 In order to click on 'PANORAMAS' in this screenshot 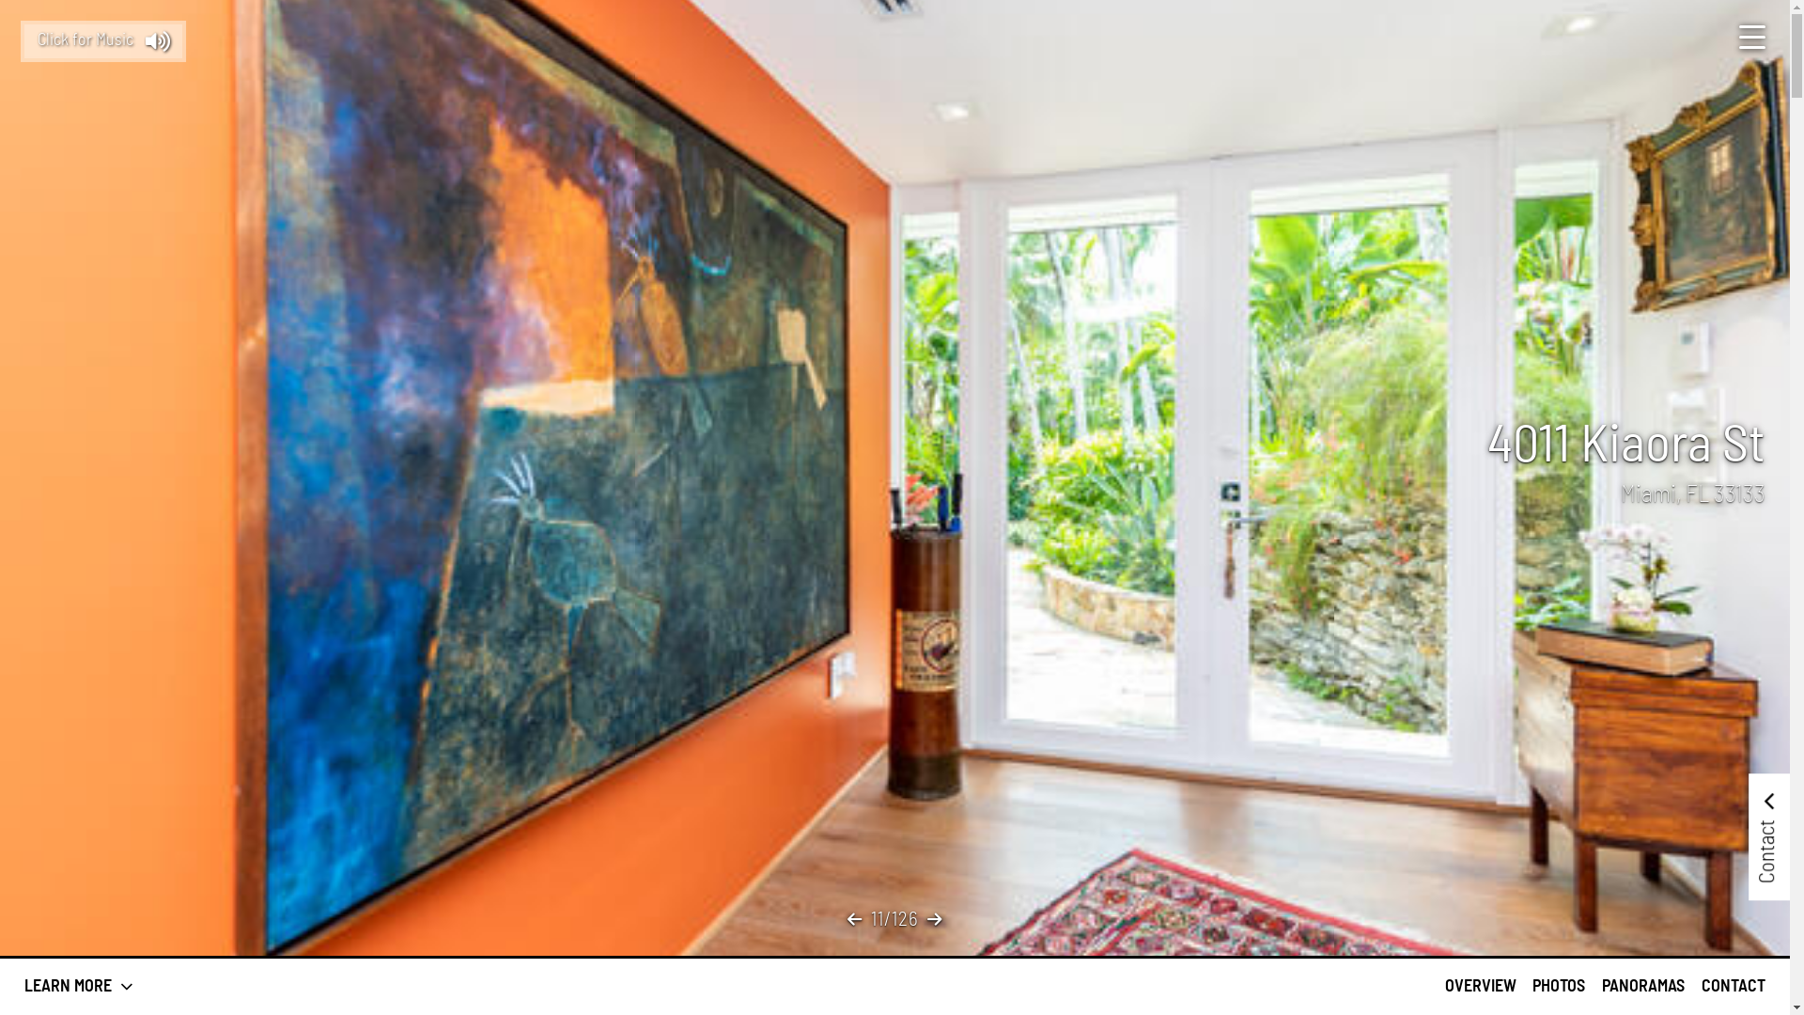, I will do `click(1641, 985)`.